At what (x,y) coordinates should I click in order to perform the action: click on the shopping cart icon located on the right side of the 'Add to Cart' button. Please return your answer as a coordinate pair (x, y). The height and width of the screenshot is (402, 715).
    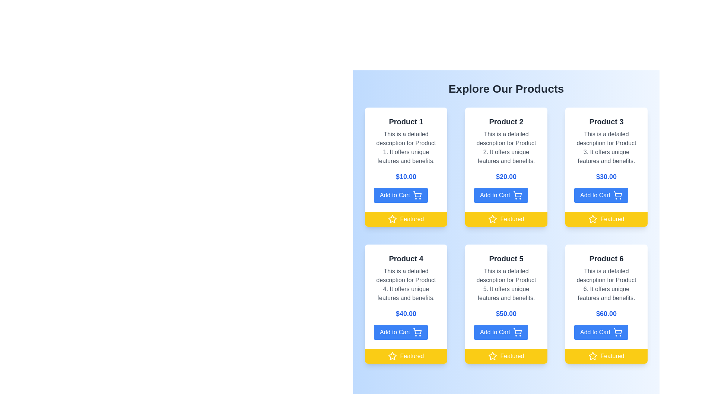
    Looking at the image, I should click on (517, 331).